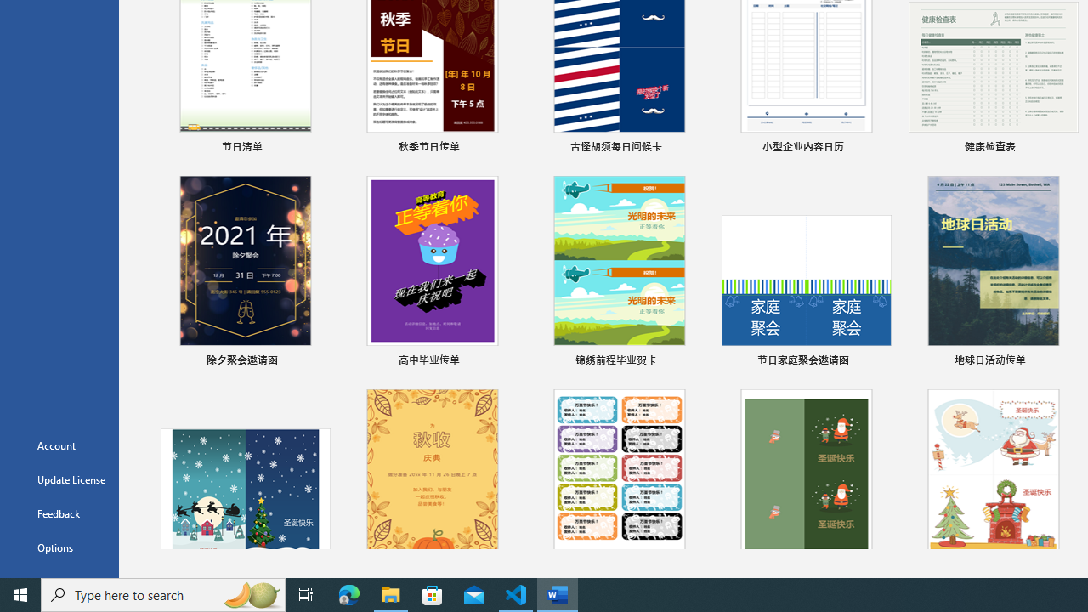 The width and height of the screenshot is (1088, 612). I want to click on 'Pin to list', so click(1066, 360).